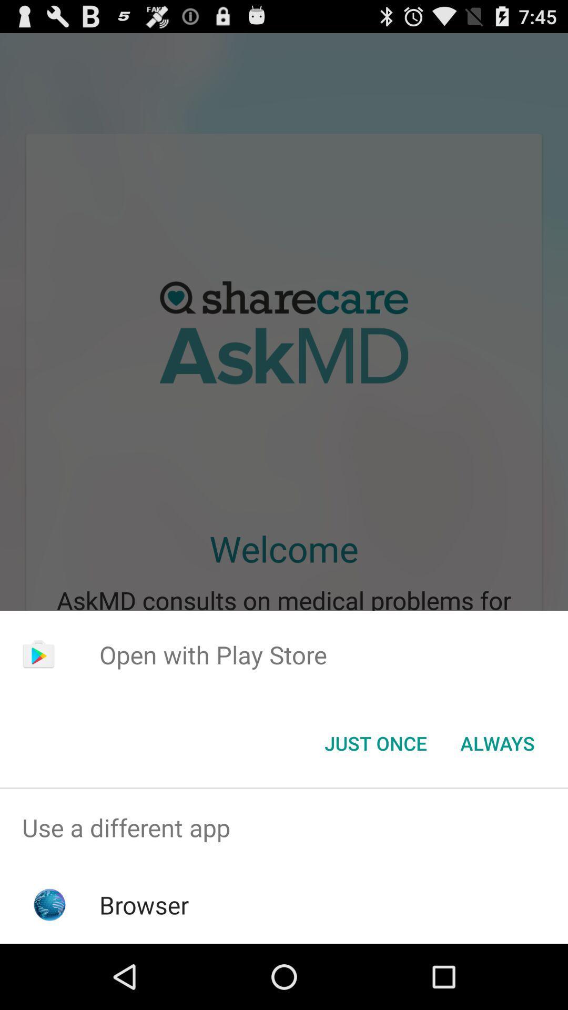 The width and height of the screenshot is (568, 1010). I want to click on the item next to just once button, so click(497, 742).